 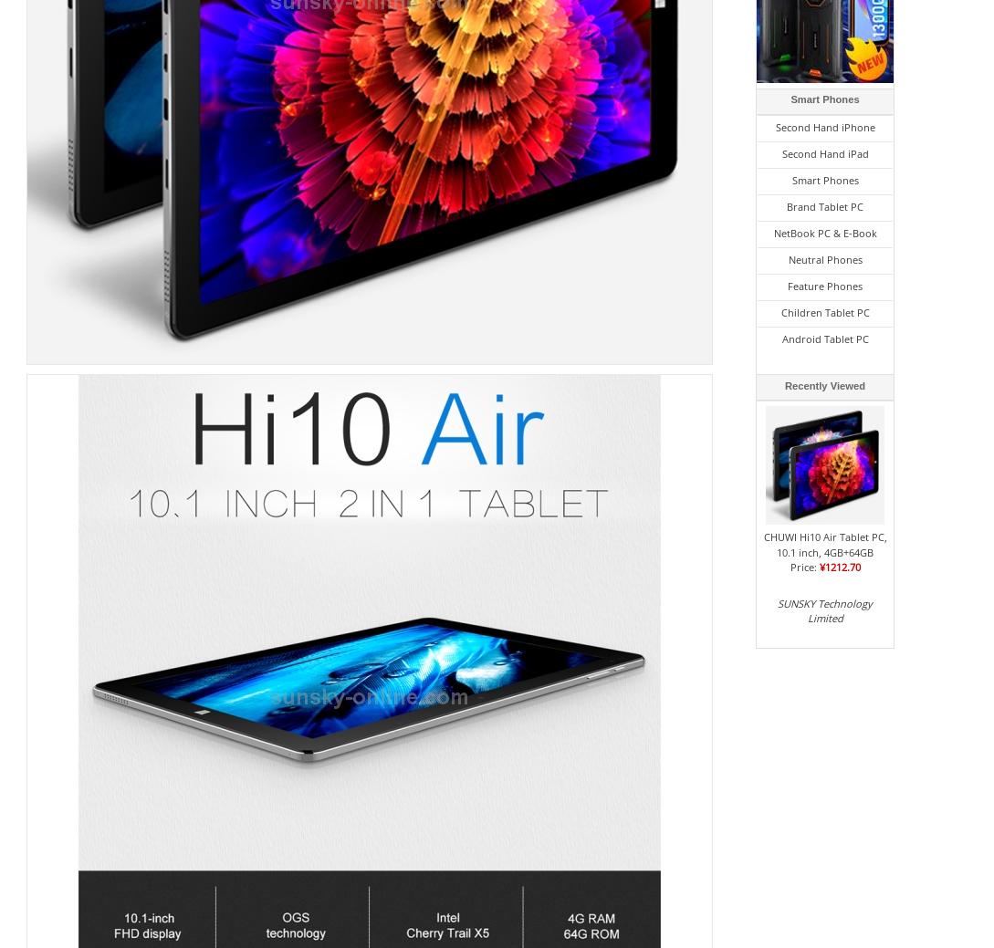 I want to click on 'Android Tablet PC', so click(x=824, y=338).